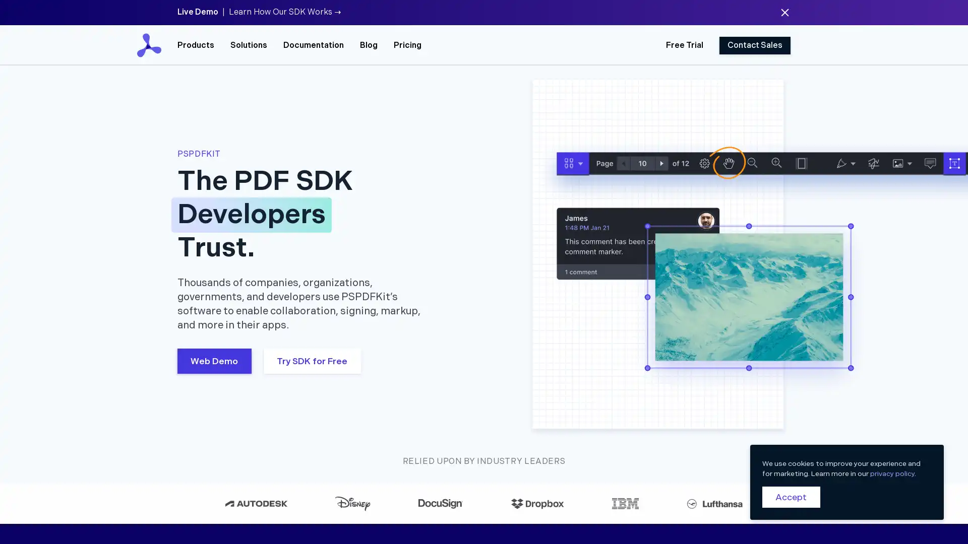 The image size is (968, 544). I want to click on Accept, so click(791, 497).